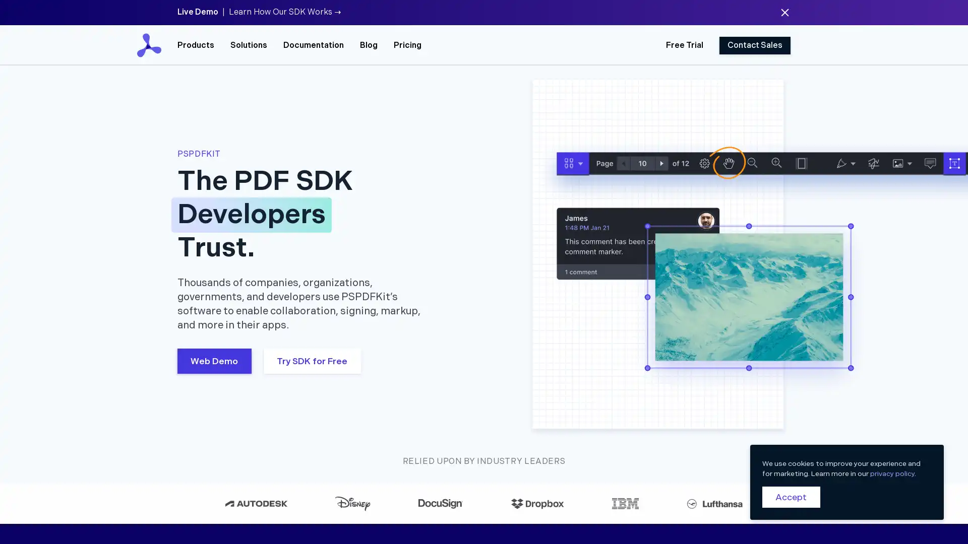 The image size is (968, 544). I want to click on Accept, so click(791, 497).